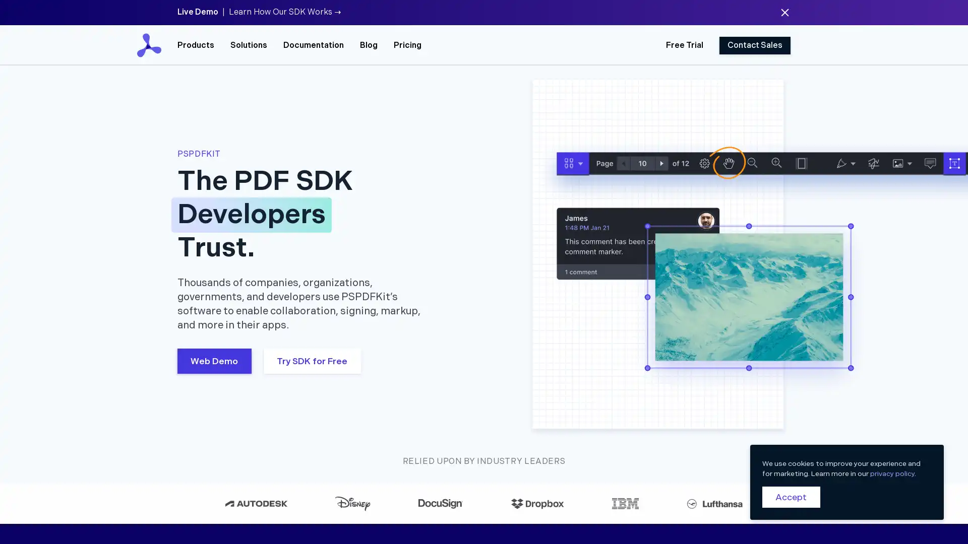 The image size is (968, 544). I want to click on Accept, so click(791, 497).